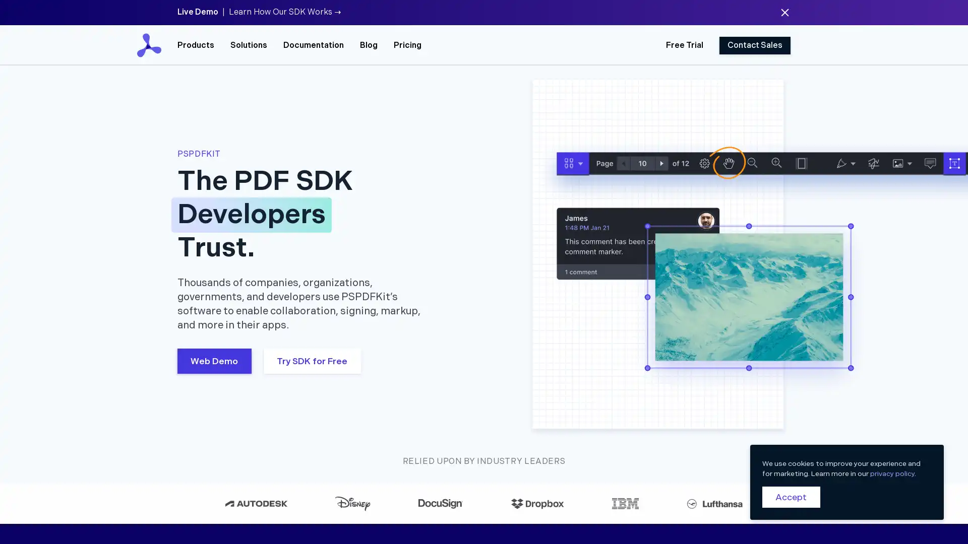 The image size is (968, 544). I want to click on Accept, so click(791, 497).